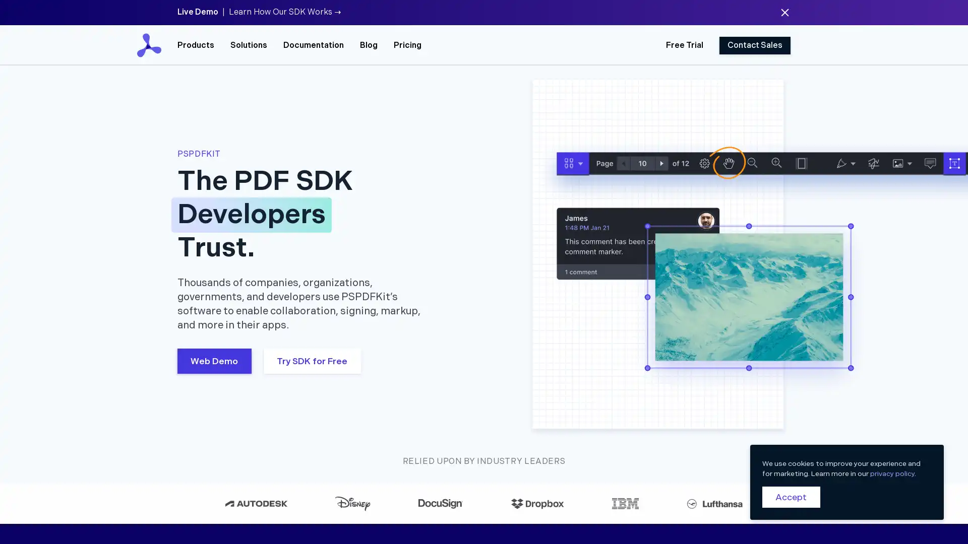 The image size is (968, 544). I want to click on Accept, so click(791, 497).